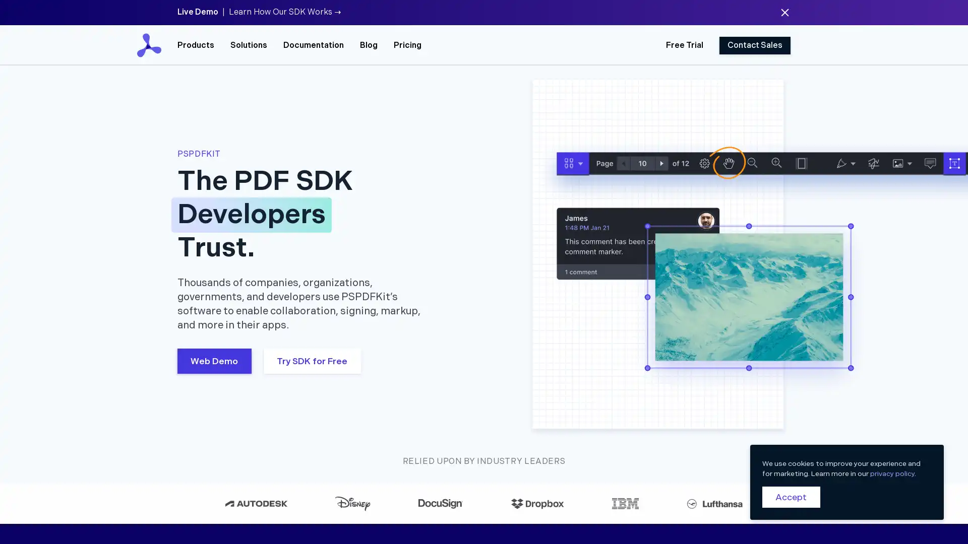 The image size is (968, 544). I want to click on Accept, so click(791, 497).